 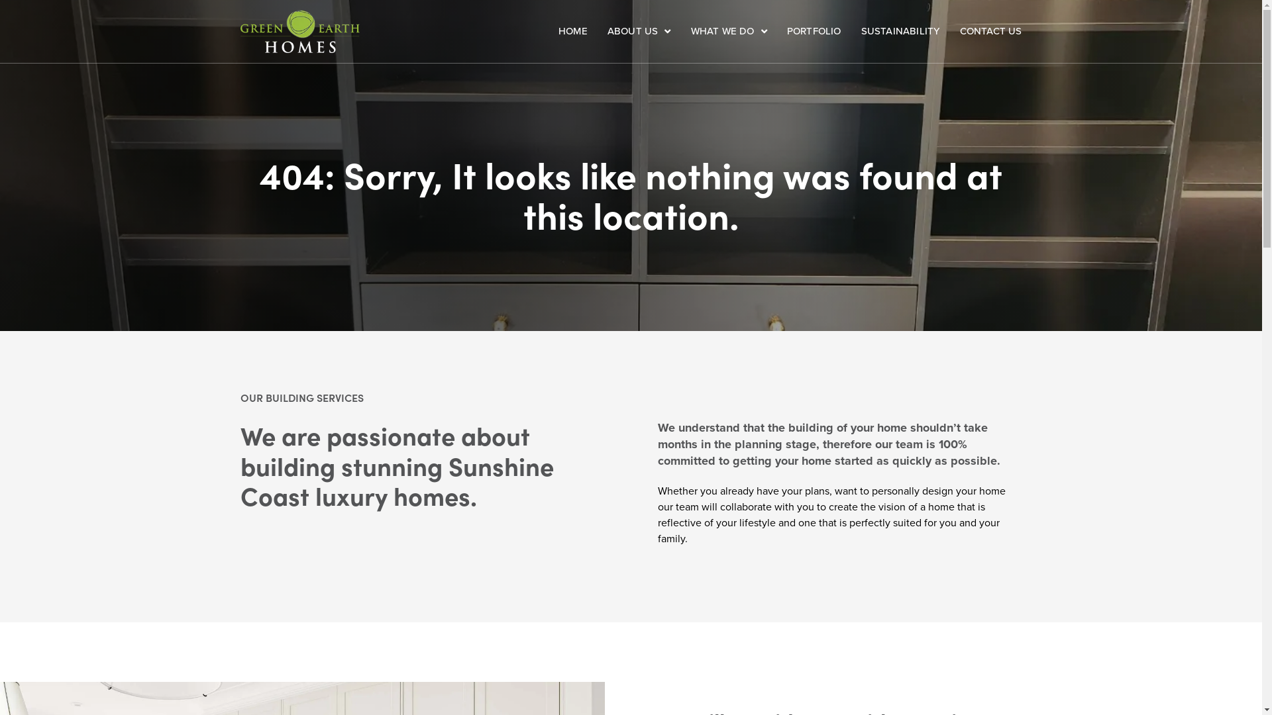 I want to click on 'SUSTAINABILITY', so click(x=900, y=30).